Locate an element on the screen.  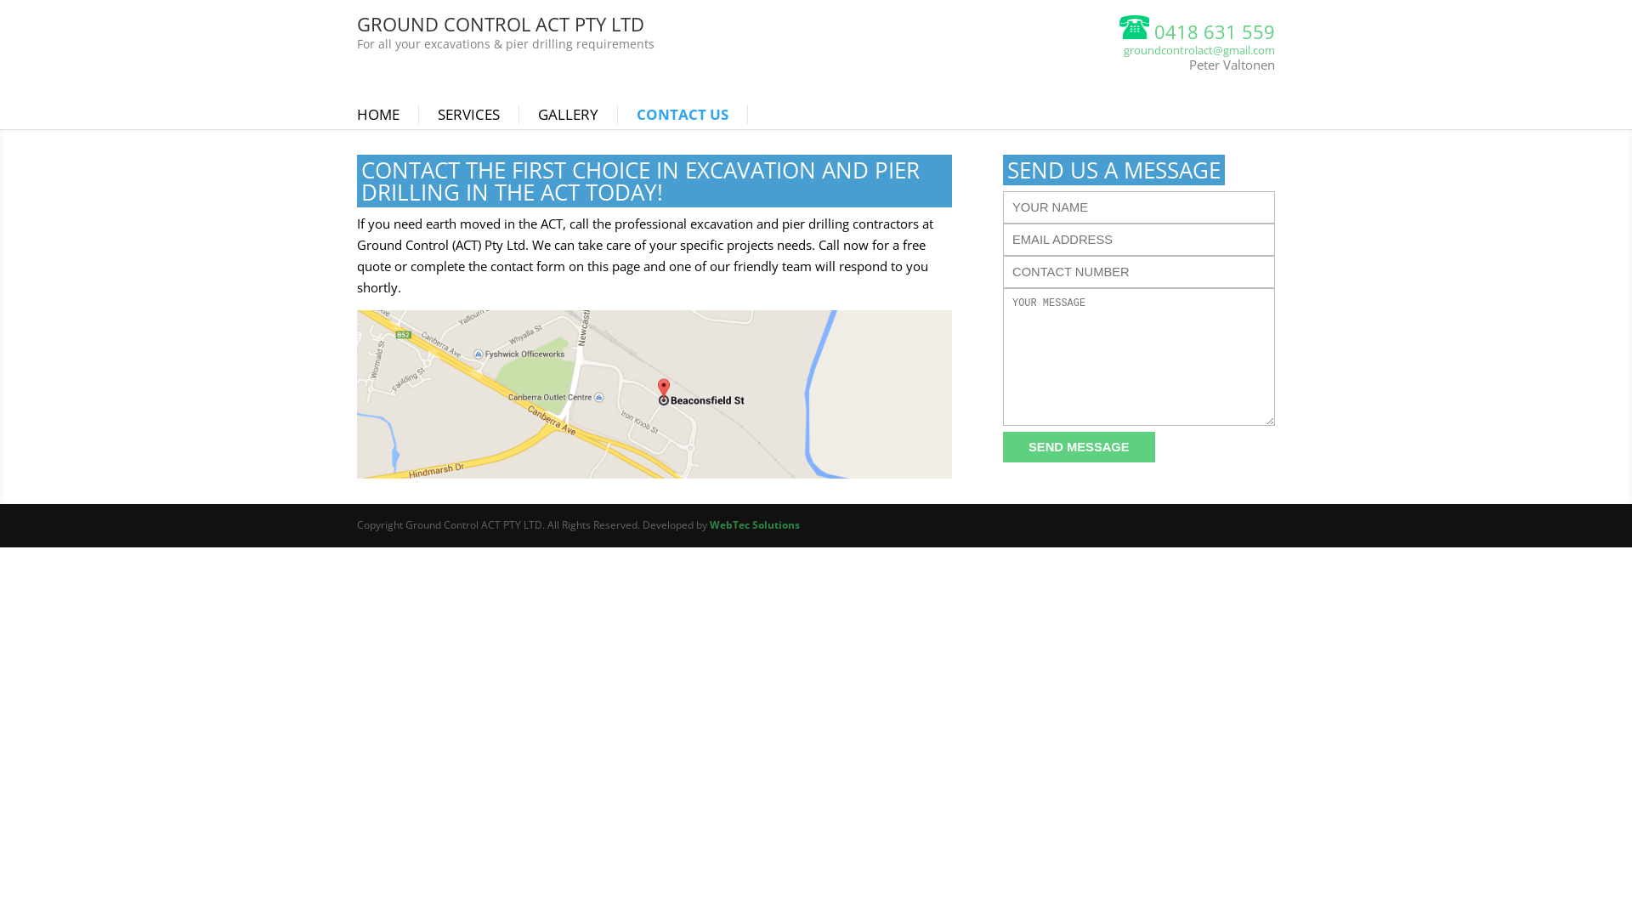
'WebTec Solutions' is located at coordinates (754, 524).